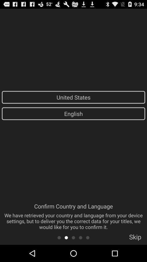  What do you see at coordinates (66, 237) in the screenshot?
I see `app below confirm country and` at bounding box center [66, 237].